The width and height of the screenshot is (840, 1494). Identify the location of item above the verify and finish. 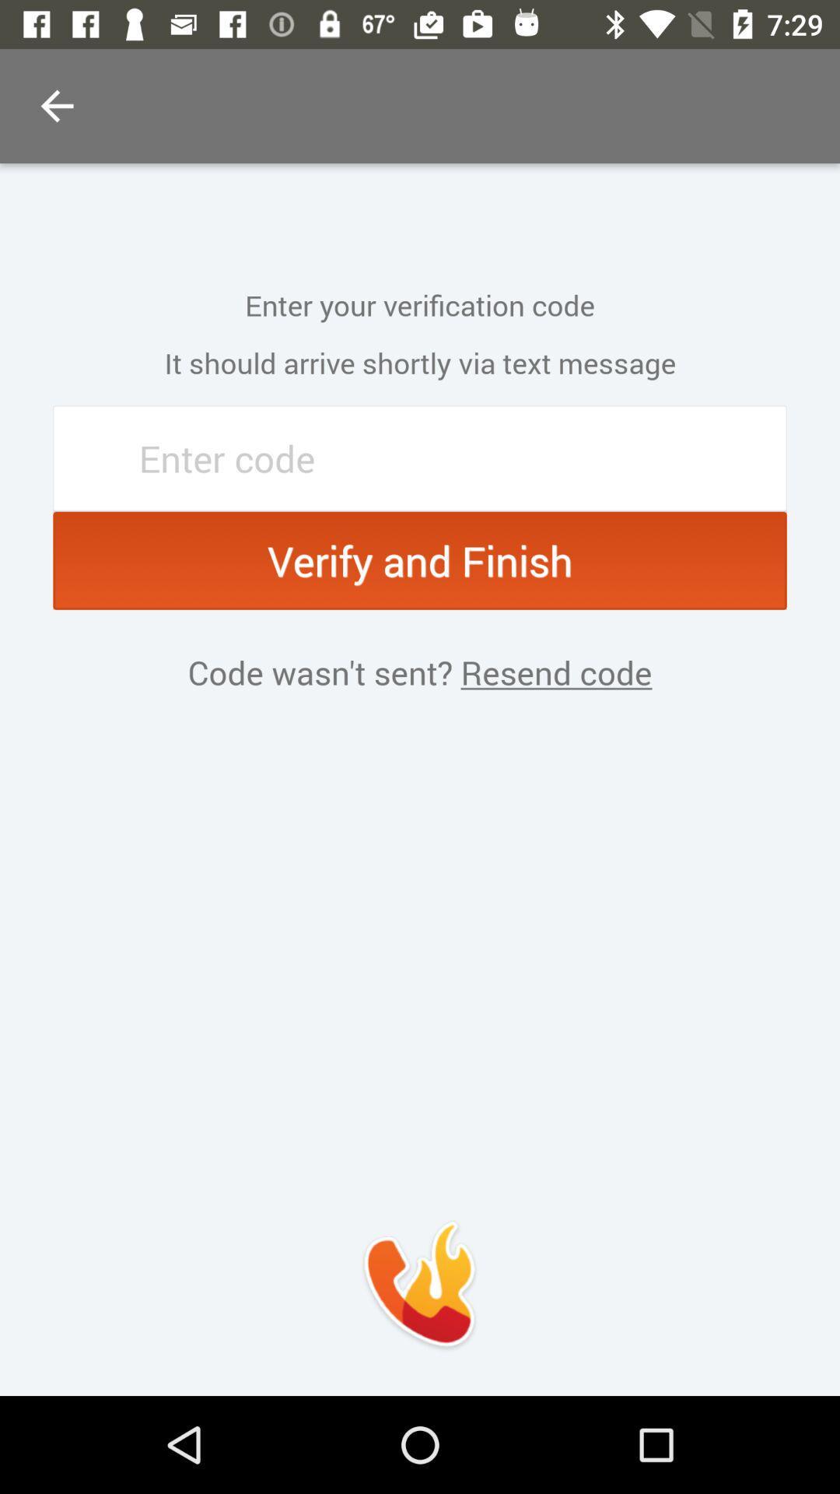
(420, 458).